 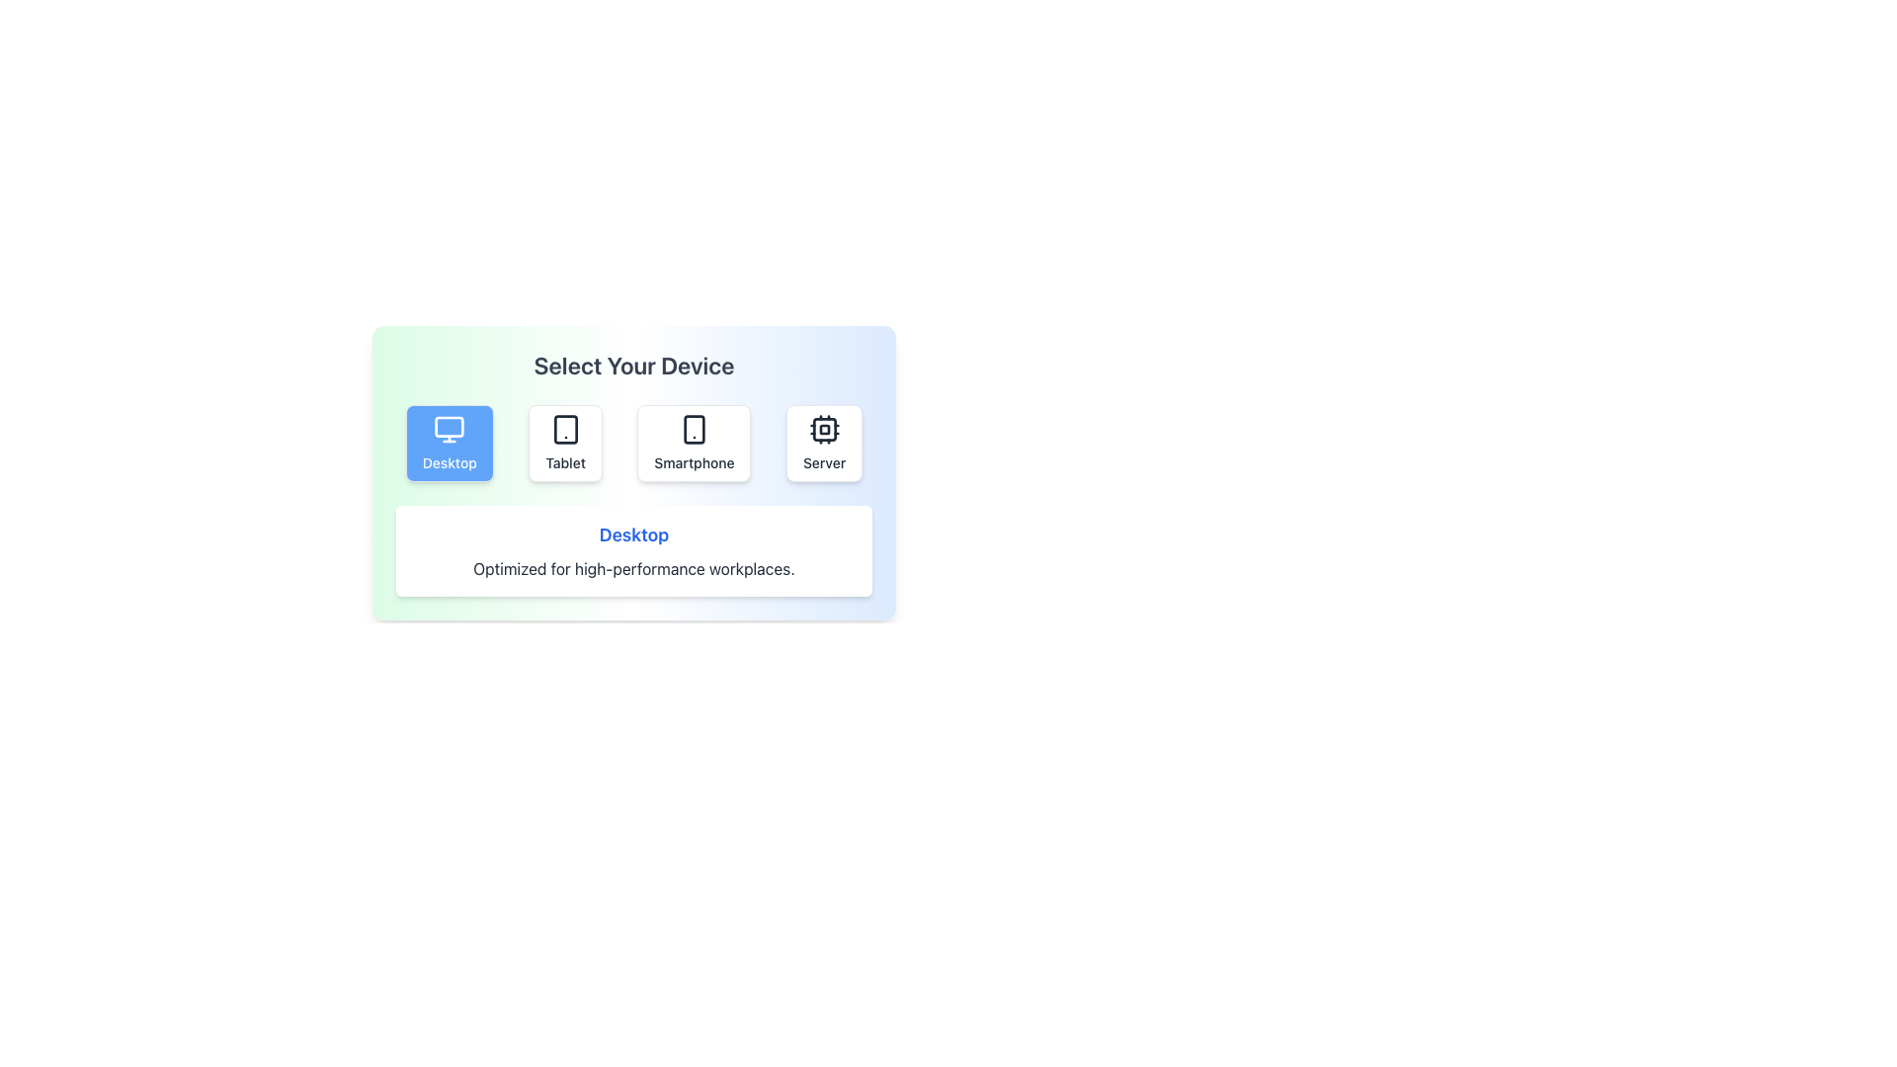 I want to click on the bold, blue 'Desktop' text label that is centrally positioned within its card-like area and stands out from other elements, so click(x=634, y=535).